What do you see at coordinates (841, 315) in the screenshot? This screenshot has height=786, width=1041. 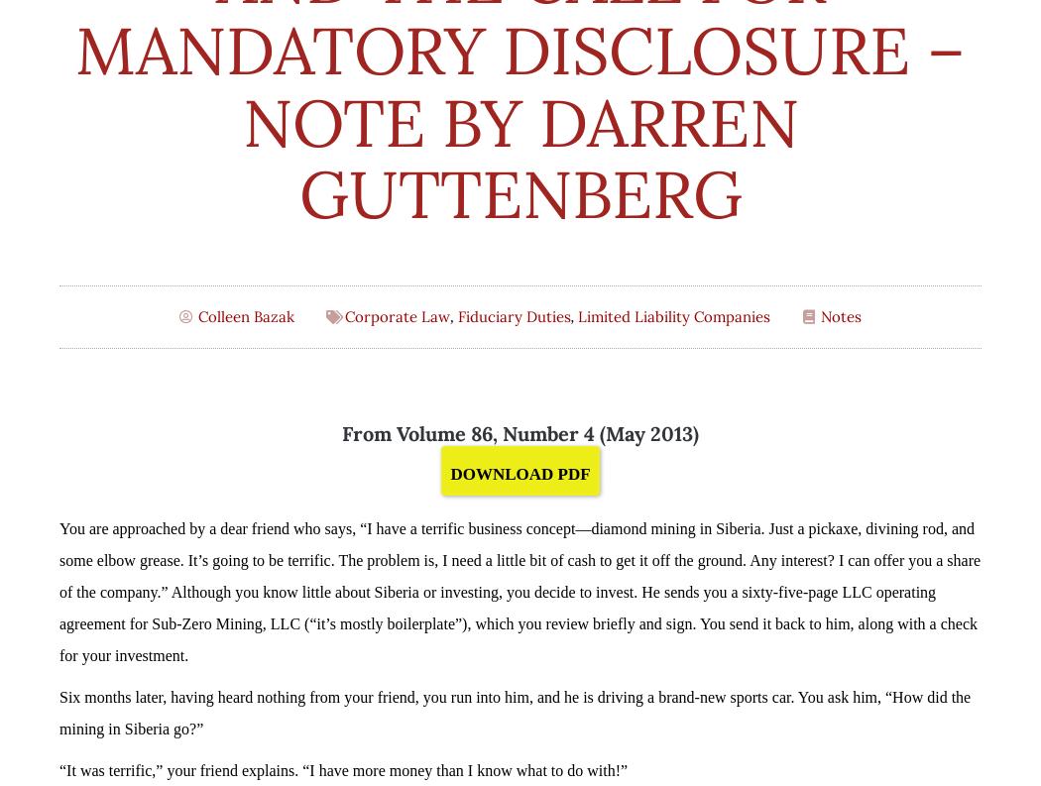 I see `'Notes'` at bounding box center [841, 315].